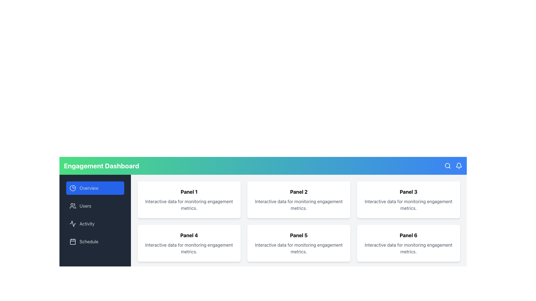  What do you see at coordinates (72, 241) in the screenshot?
I see `the icon located in the sidebar next to the 'Schedule' text` at bounding box center [72, 241].